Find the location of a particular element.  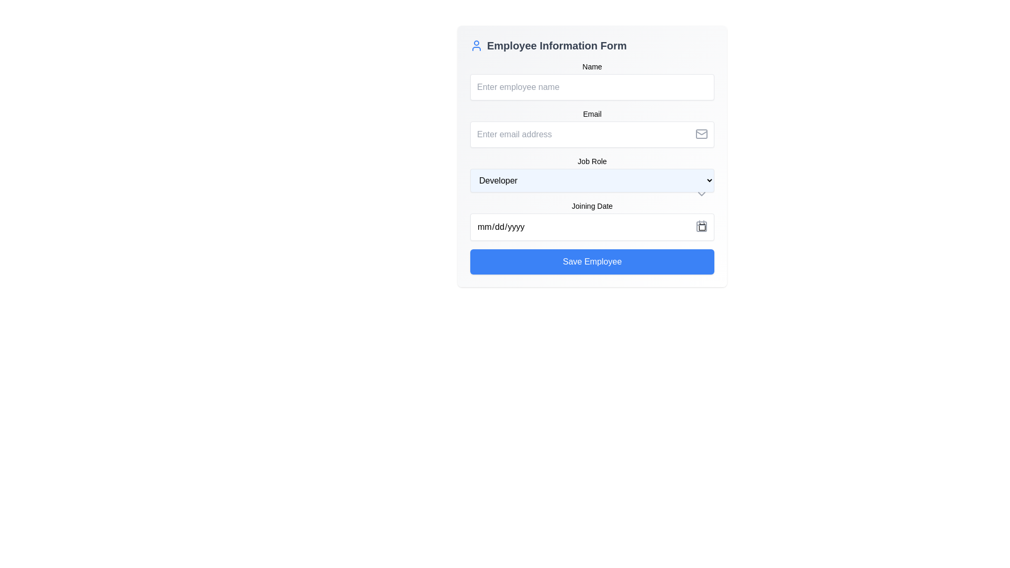

the calendar icon located at the right-most side of the 'Joining Date' input section in the 'Employee Information Form' is located at coordinates (702, 225).